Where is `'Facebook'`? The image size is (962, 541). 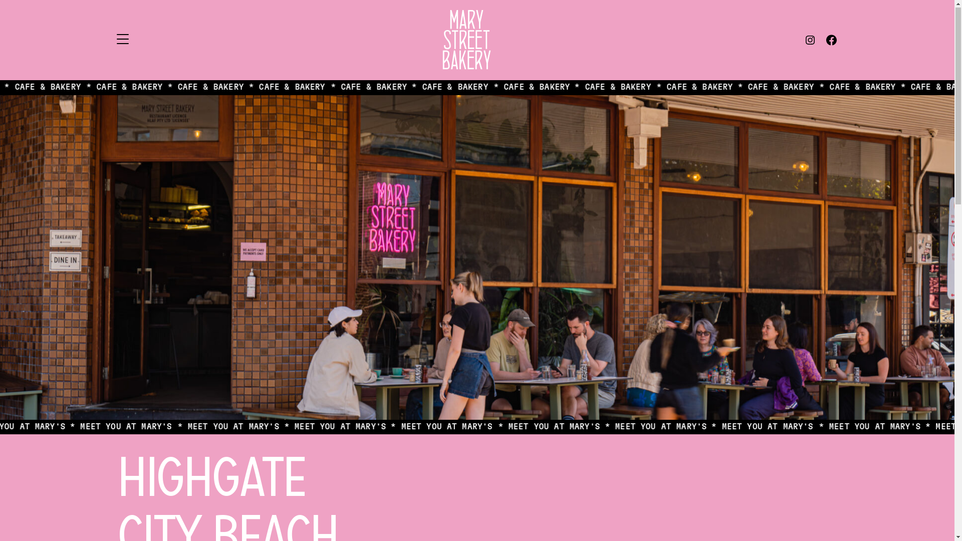
'Facebook' is located at coordinates (832, 40).